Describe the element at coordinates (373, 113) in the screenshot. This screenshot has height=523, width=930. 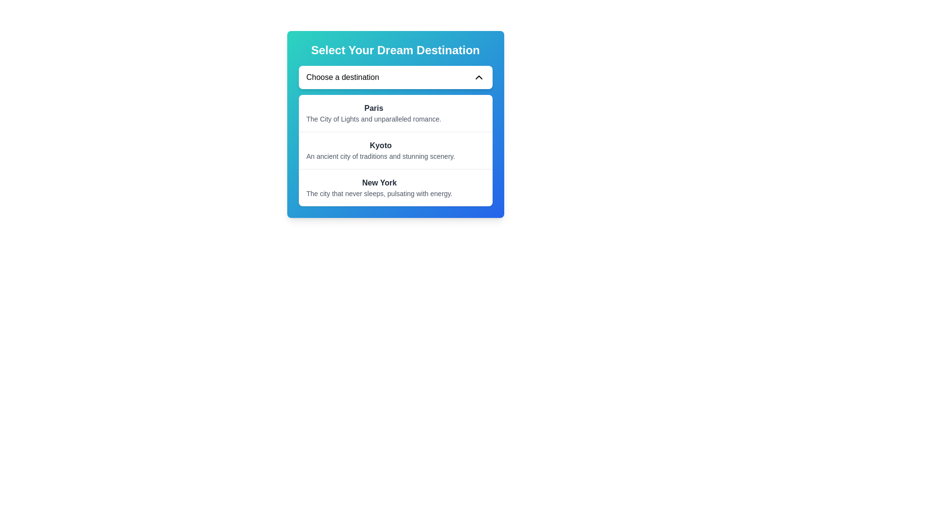
I see `the first selectable option in the list, which highlights the destination 'Paris'` at that location.